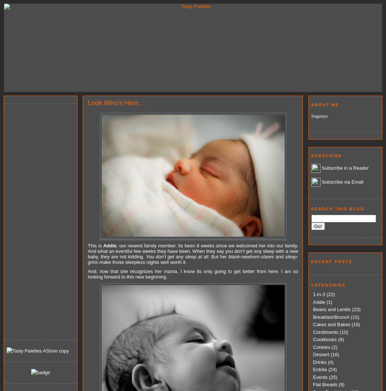  What do you see at coordinates (332, 369) in the screenshot?
I see `'(24)'` at bounding box center [332, 369].